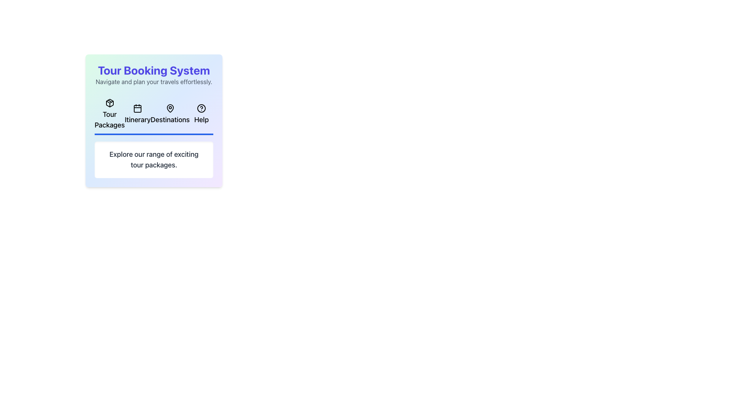  Describe the element at coordinates (170, 108) in the screenshot. I see `the decorative black stroke of the map pin icon located under the 'Itinerary Destinations' label` at that location.